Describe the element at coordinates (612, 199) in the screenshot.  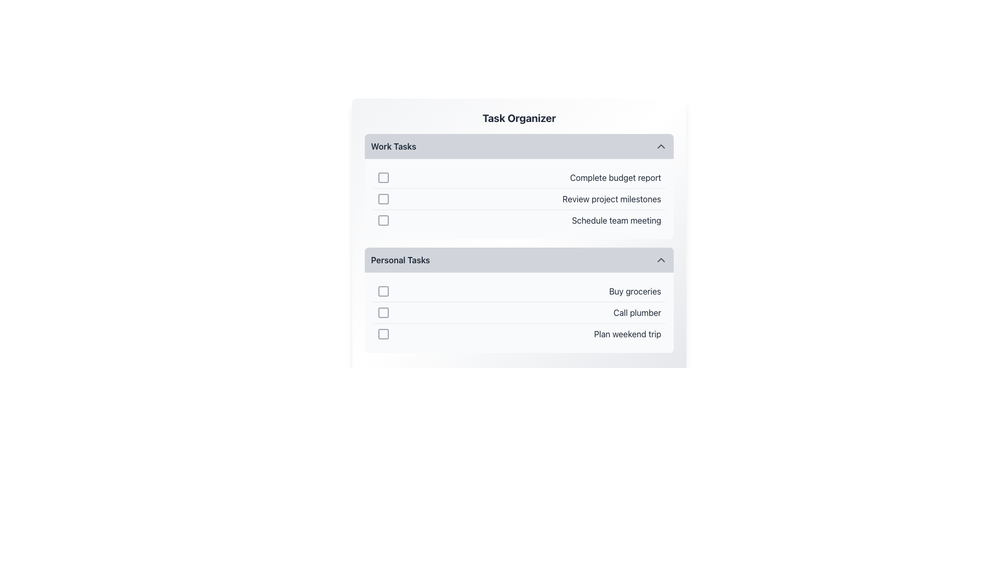
I see `the text label displaying 'Review project milestones' located in the middle right of the 'Work Tasks' section` at that location.